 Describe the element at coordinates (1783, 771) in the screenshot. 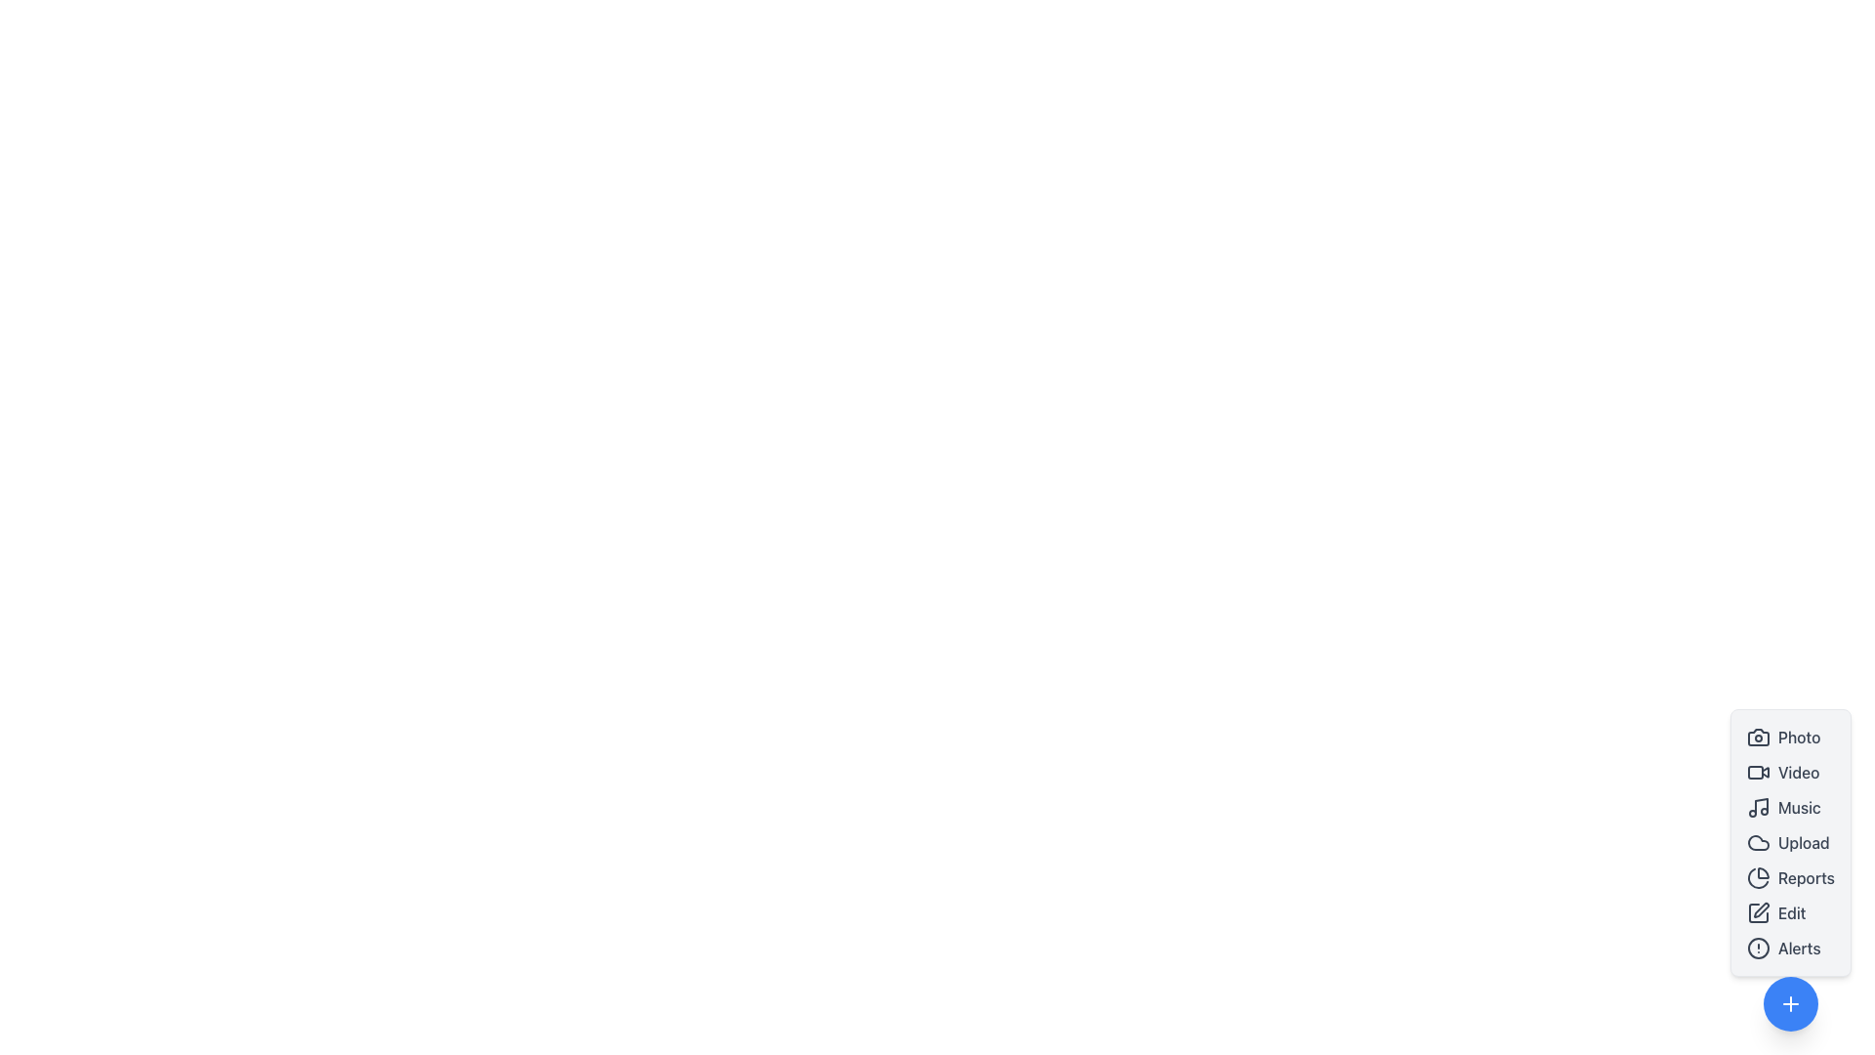

I see `the 'Video' button, which features a video camera icon and changes color on hover, located between the 'Photo' button and 'Music' button` at that location.